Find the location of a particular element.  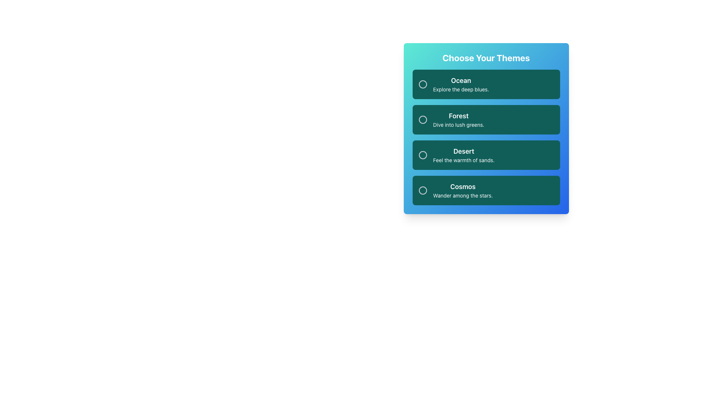

the hollow circular radio button styled in gray, located in front of the 'Desert' theme option is located at coordinates (423, 154).